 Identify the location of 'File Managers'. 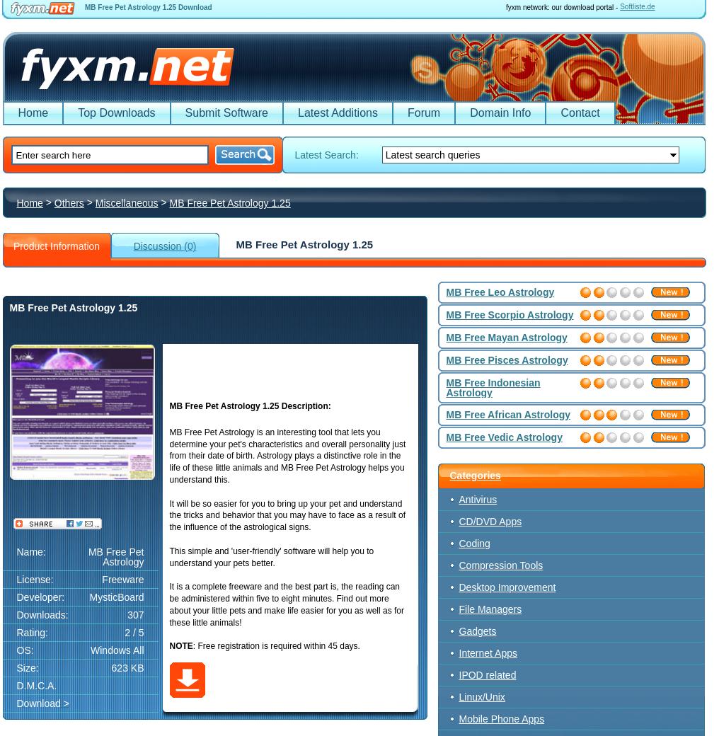
(489, 609).